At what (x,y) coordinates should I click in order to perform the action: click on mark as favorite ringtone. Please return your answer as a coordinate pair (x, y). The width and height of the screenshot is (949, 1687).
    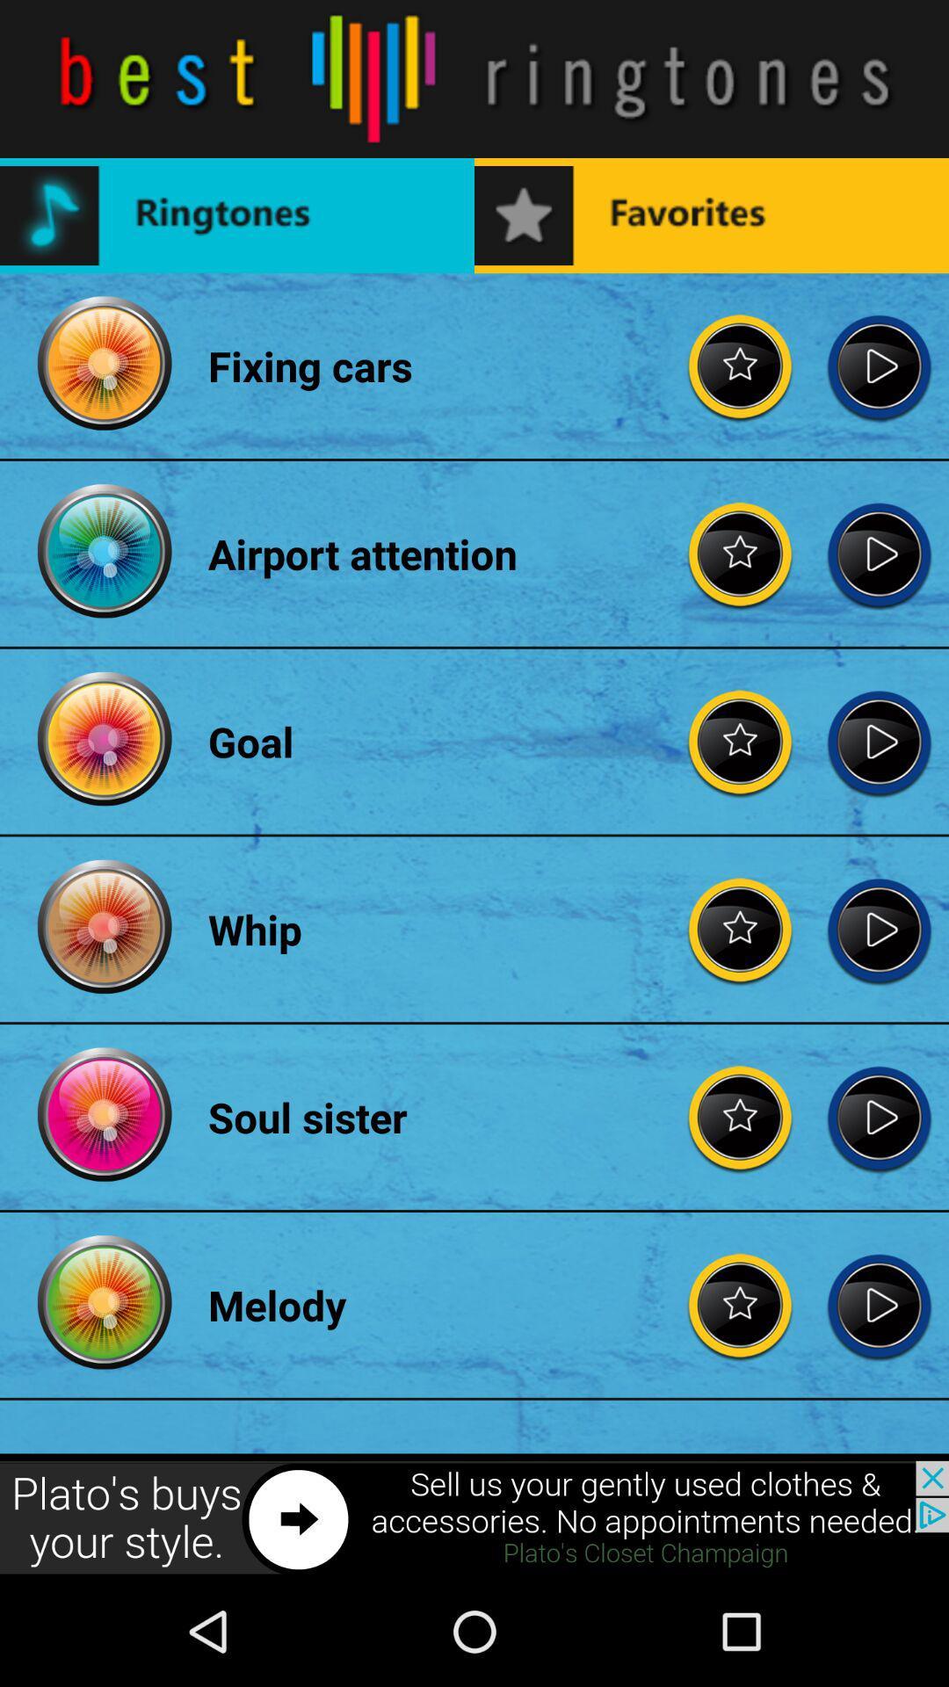
    Looking at the image, I should click on (741, 553).